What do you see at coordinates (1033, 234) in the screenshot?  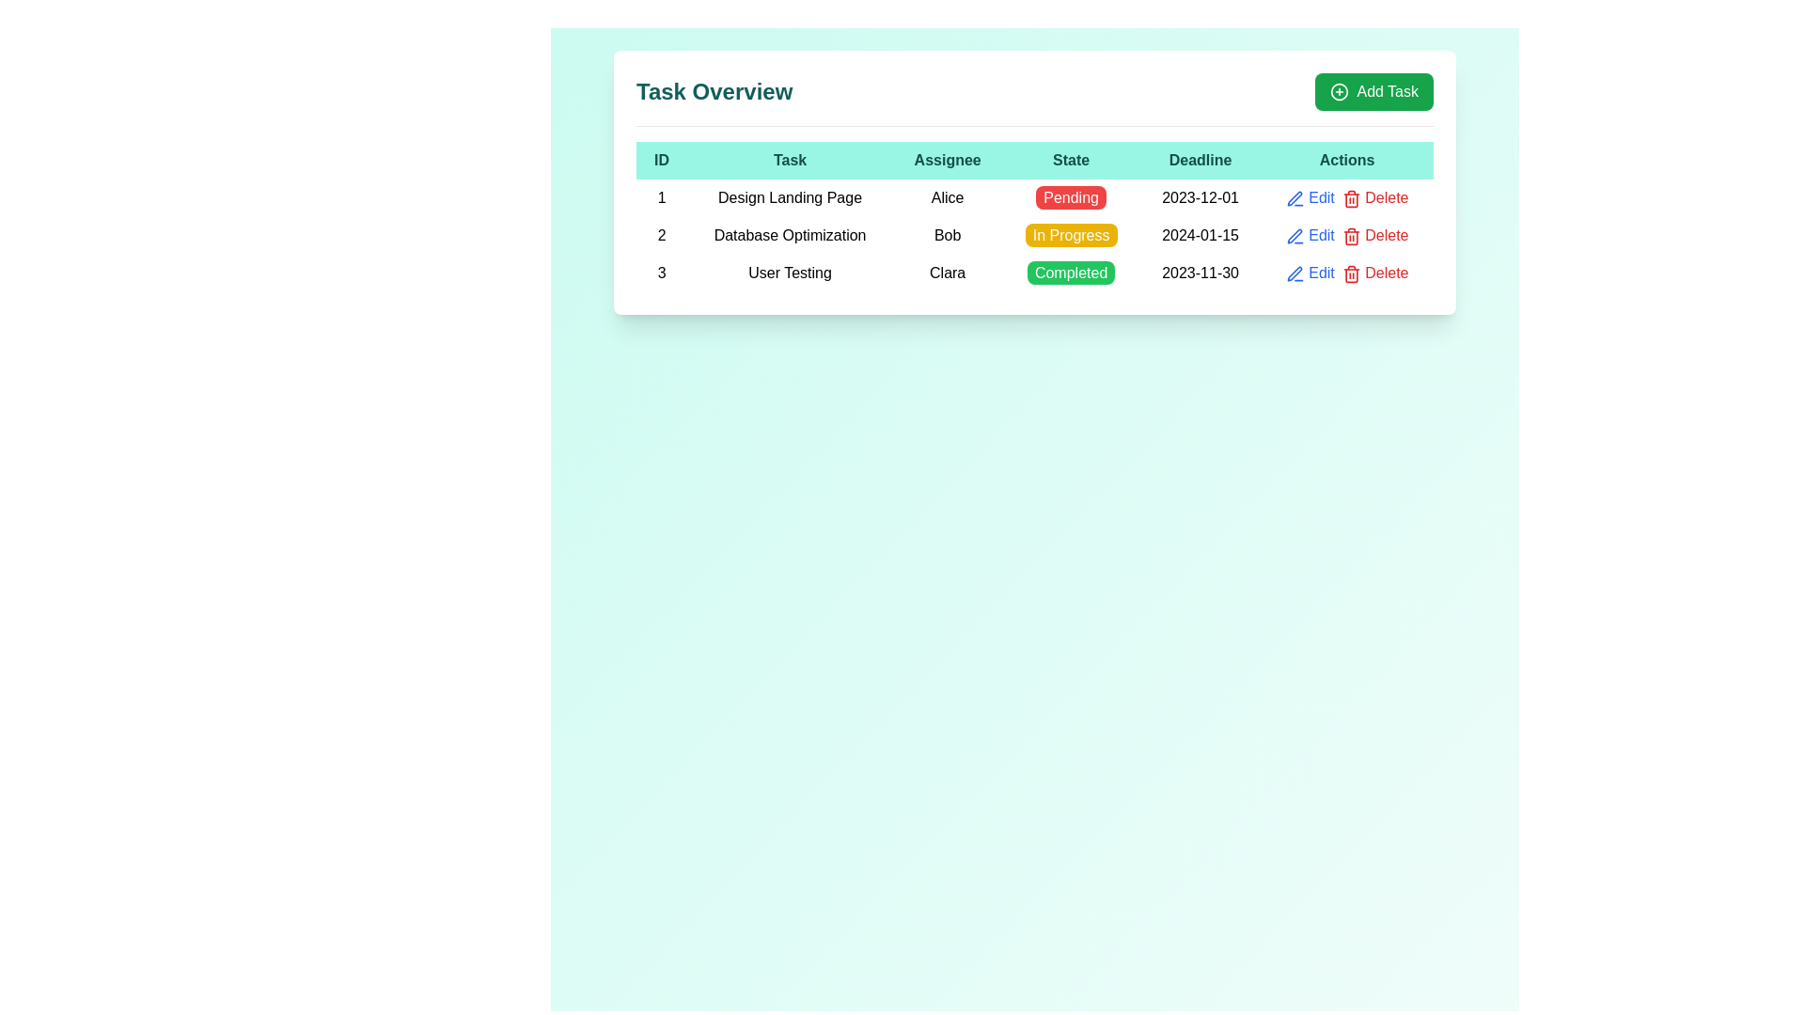 I see `the second row of the task overview table, which summarizes task details such as identification, assignee, status, and deadline` at bounding box center [1033, 234].